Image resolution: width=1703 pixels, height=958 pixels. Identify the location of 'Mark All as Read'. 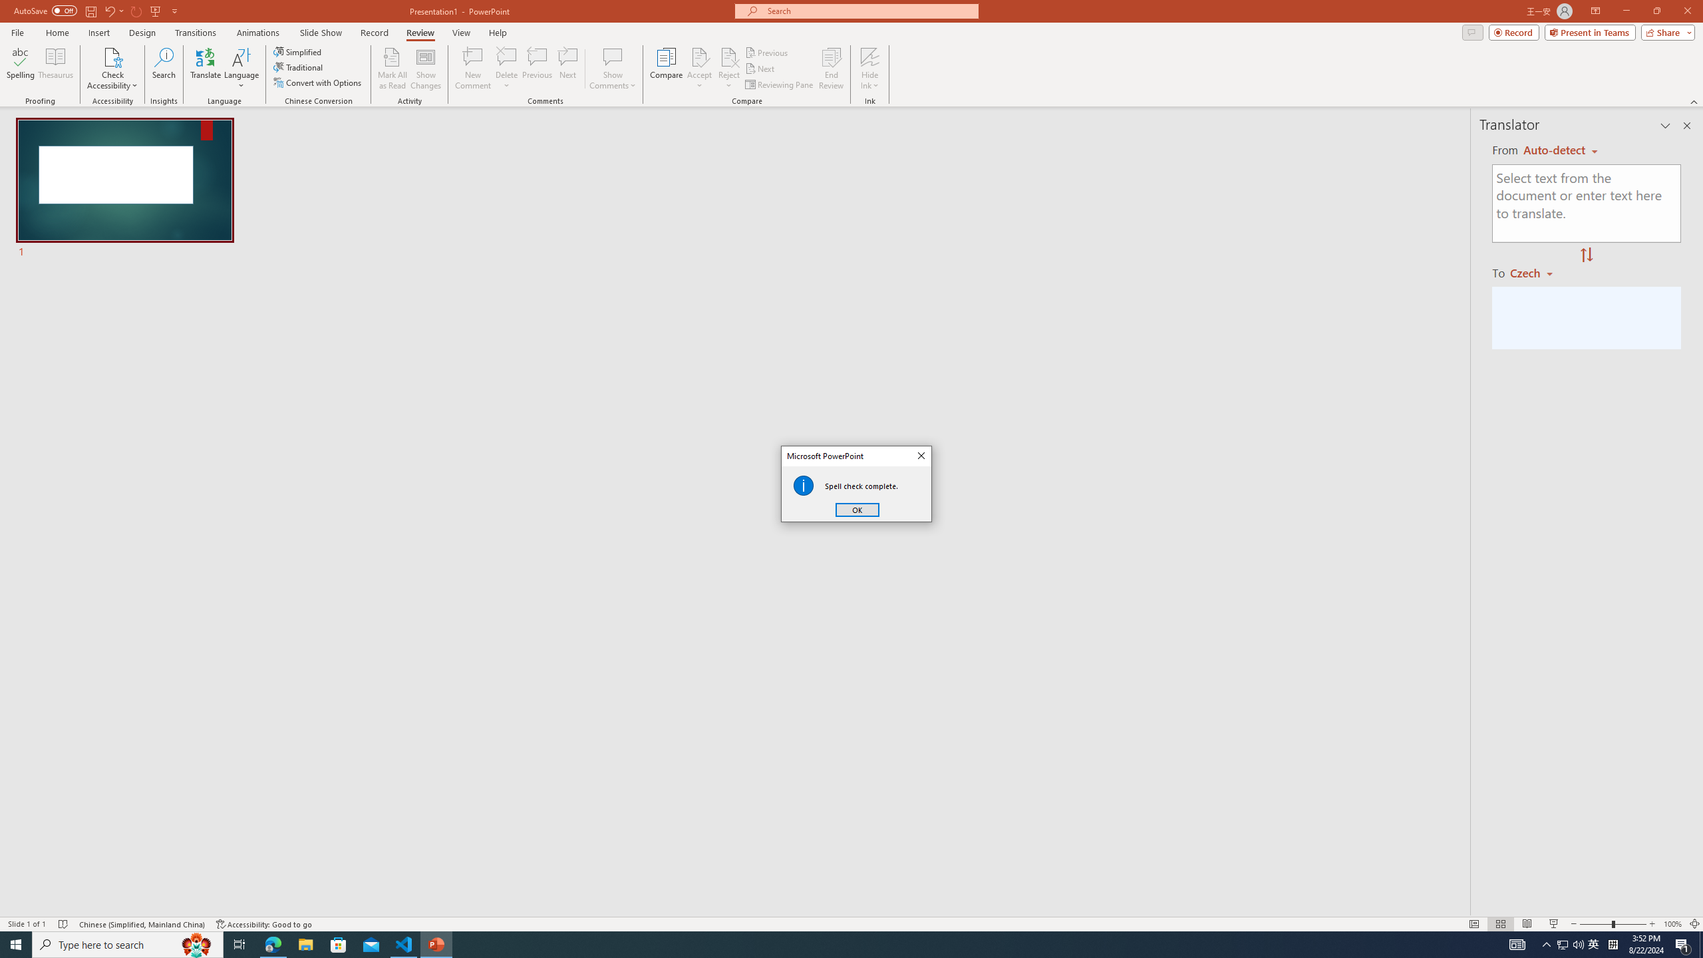
(392, 69).